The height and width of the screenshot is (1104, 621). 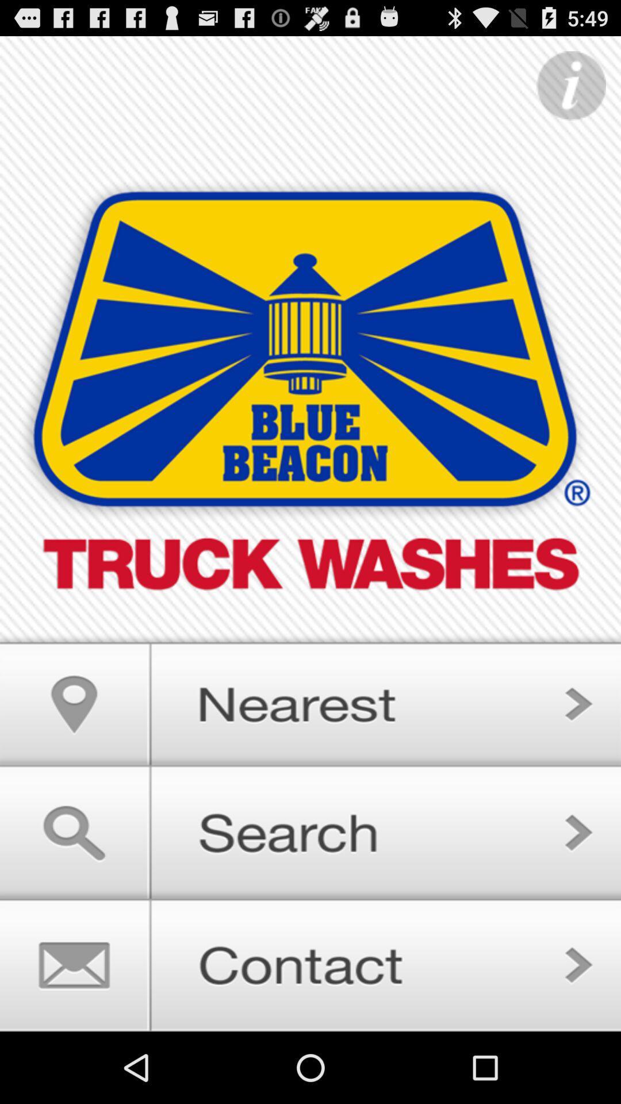 I want to click on the info icon, so click(x=571, y=92).